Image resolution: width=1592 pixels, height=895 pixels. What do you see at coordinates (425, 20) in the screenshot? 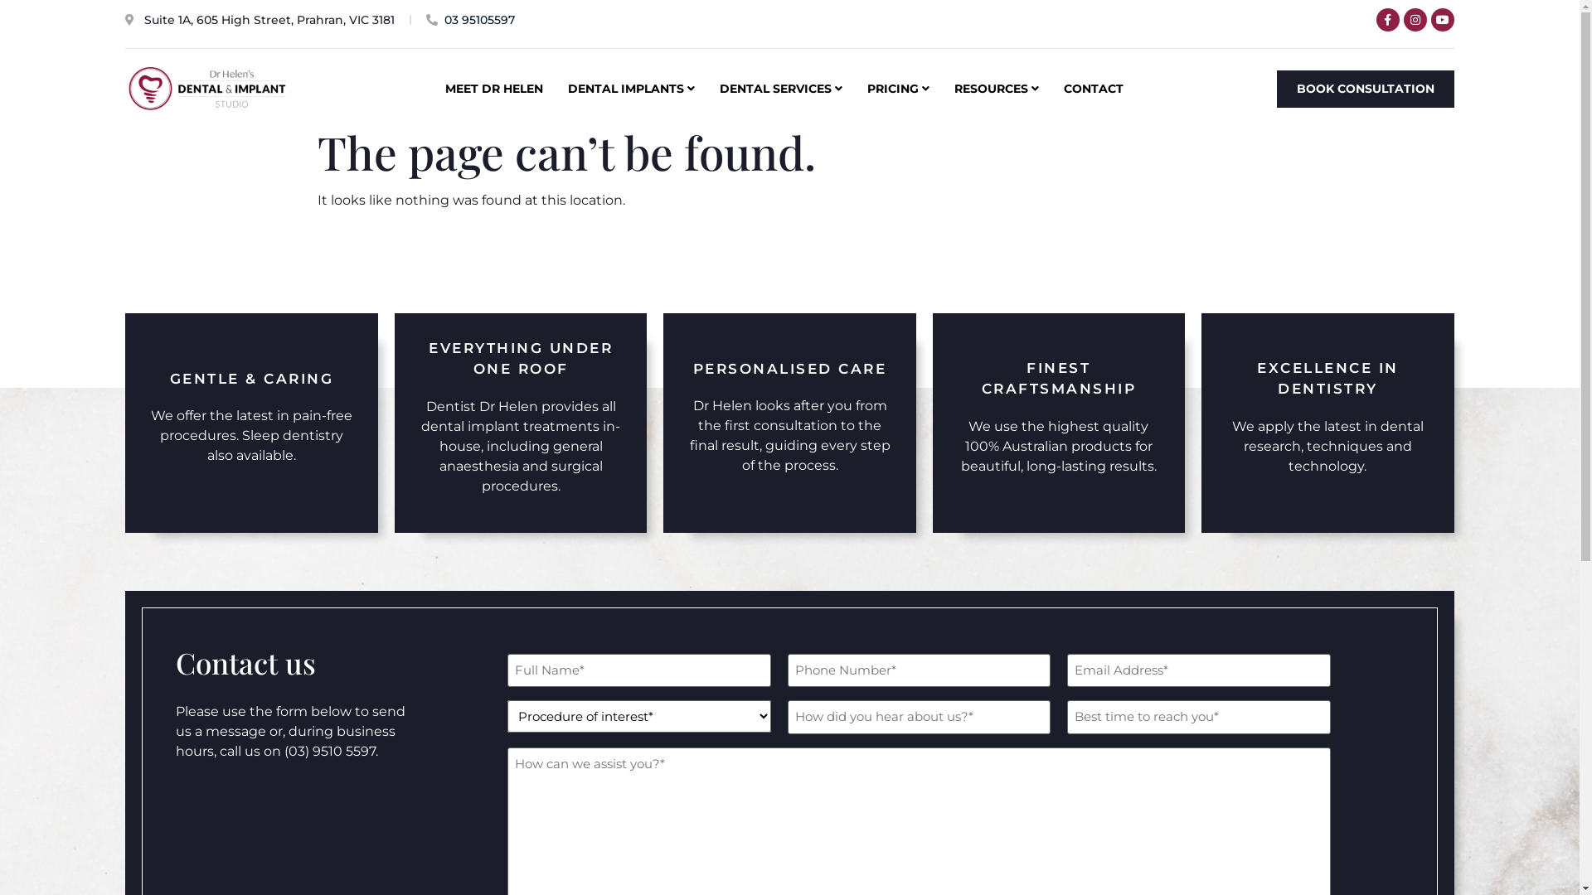
I see `'03 95105597'` at bounding box center [425, 20].